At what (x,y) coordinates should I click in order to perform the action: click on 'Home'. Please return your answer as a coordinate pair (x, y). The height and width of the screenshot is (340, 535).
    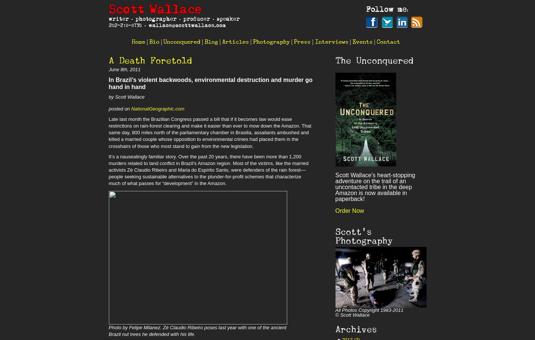
    Looking at the image, I should click on (138, 41).